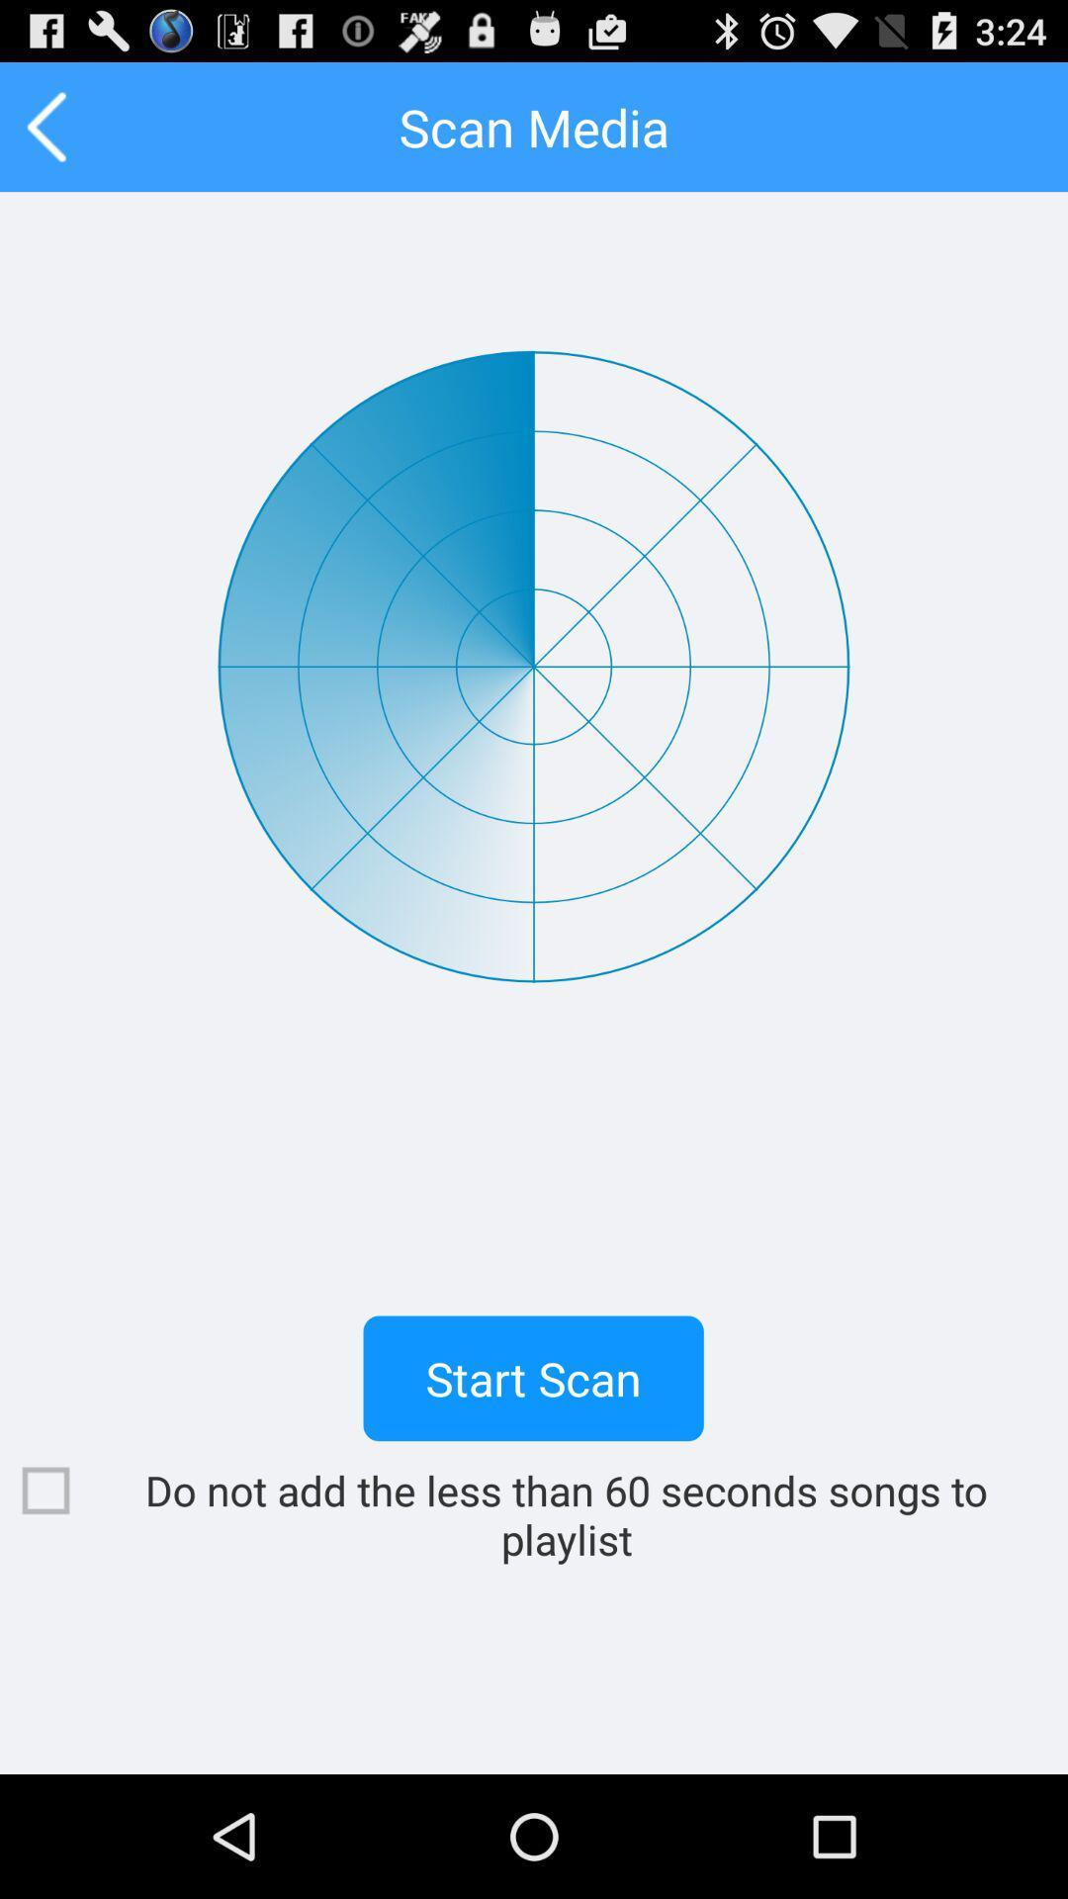 This screenshot has height=1899, width=1068. What do you see at coordinates (45, 135) in the screenshot?
I see `the arrow_backward icon` at bounding box center [45, 135].